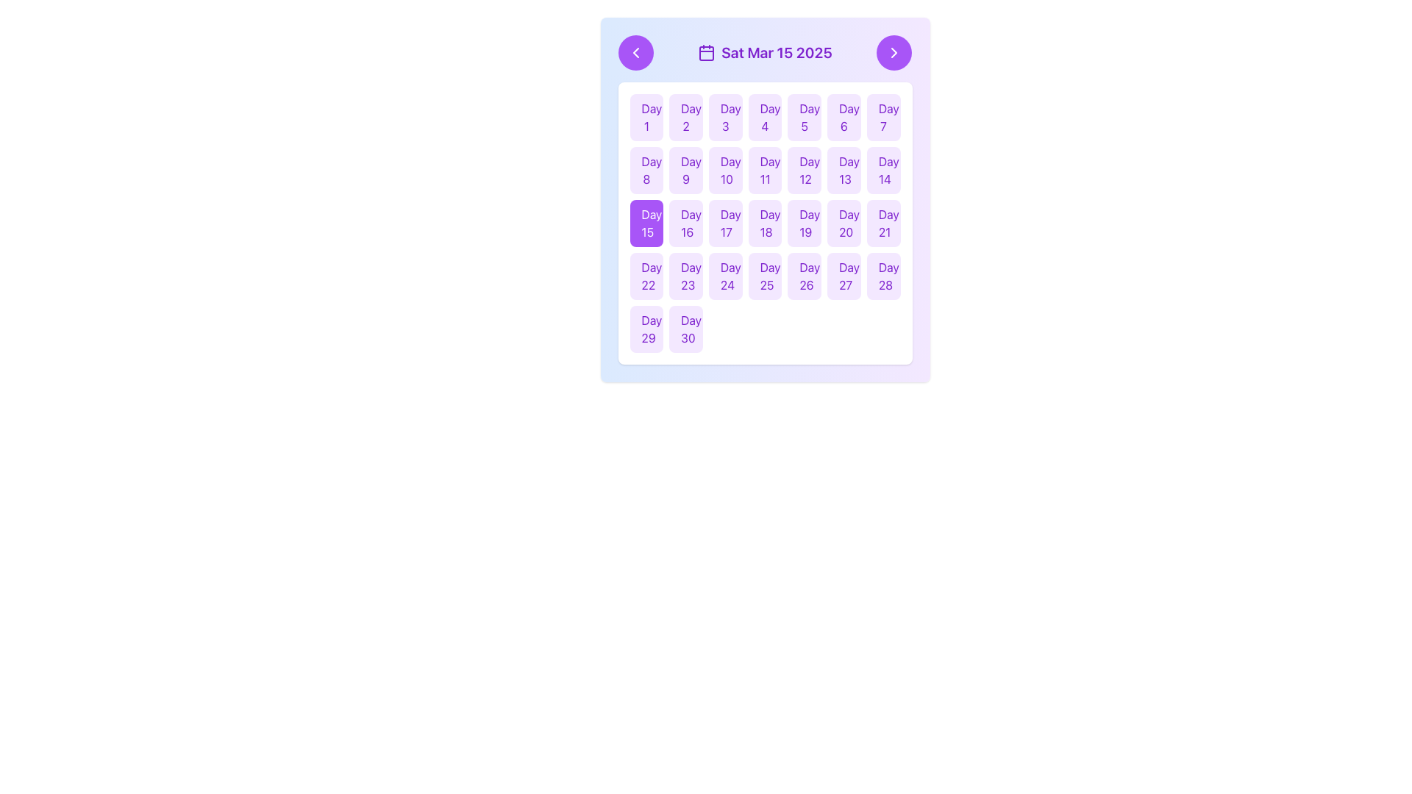 This screenshot has width=1412, height=794. I want to click on the left-pointing chevron icon within the circular purple button on the top left corner of the calendar interface, so click(635, 52).